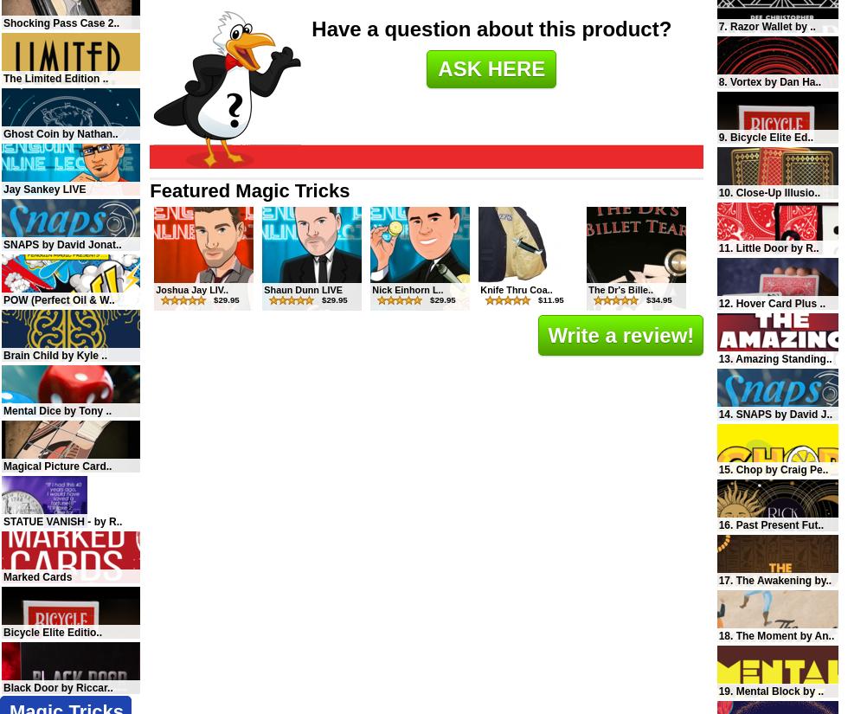  What do you see at coordinates (799, 592) in the screenshot?
I see `'65 reviews'` at bounding box center [799, 592].